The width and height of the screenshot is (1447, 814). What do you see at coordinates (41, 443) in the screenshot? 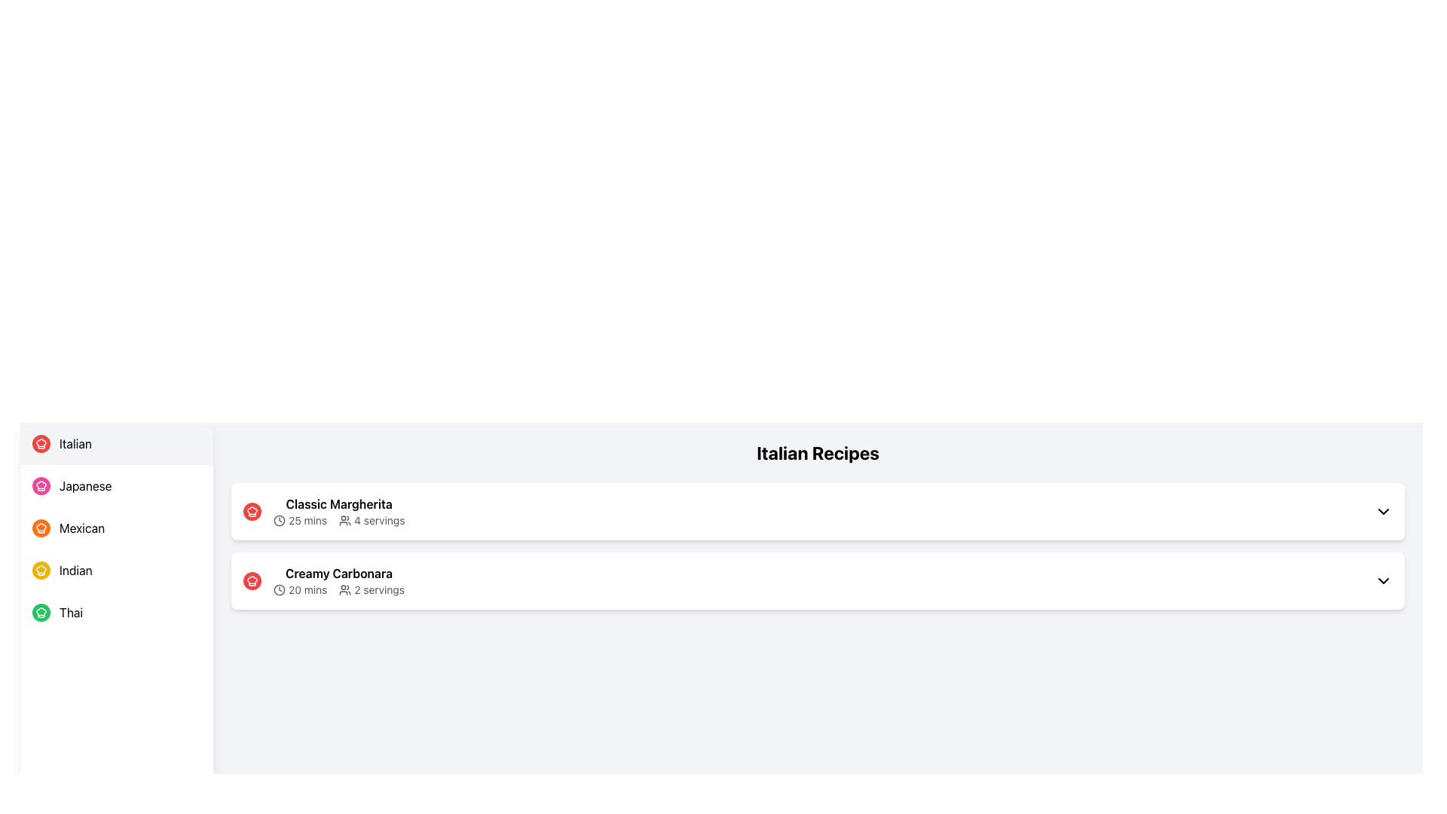
I see `the 'Italian' category icon located in the sidebar menu` at bounding box center [41, 443].